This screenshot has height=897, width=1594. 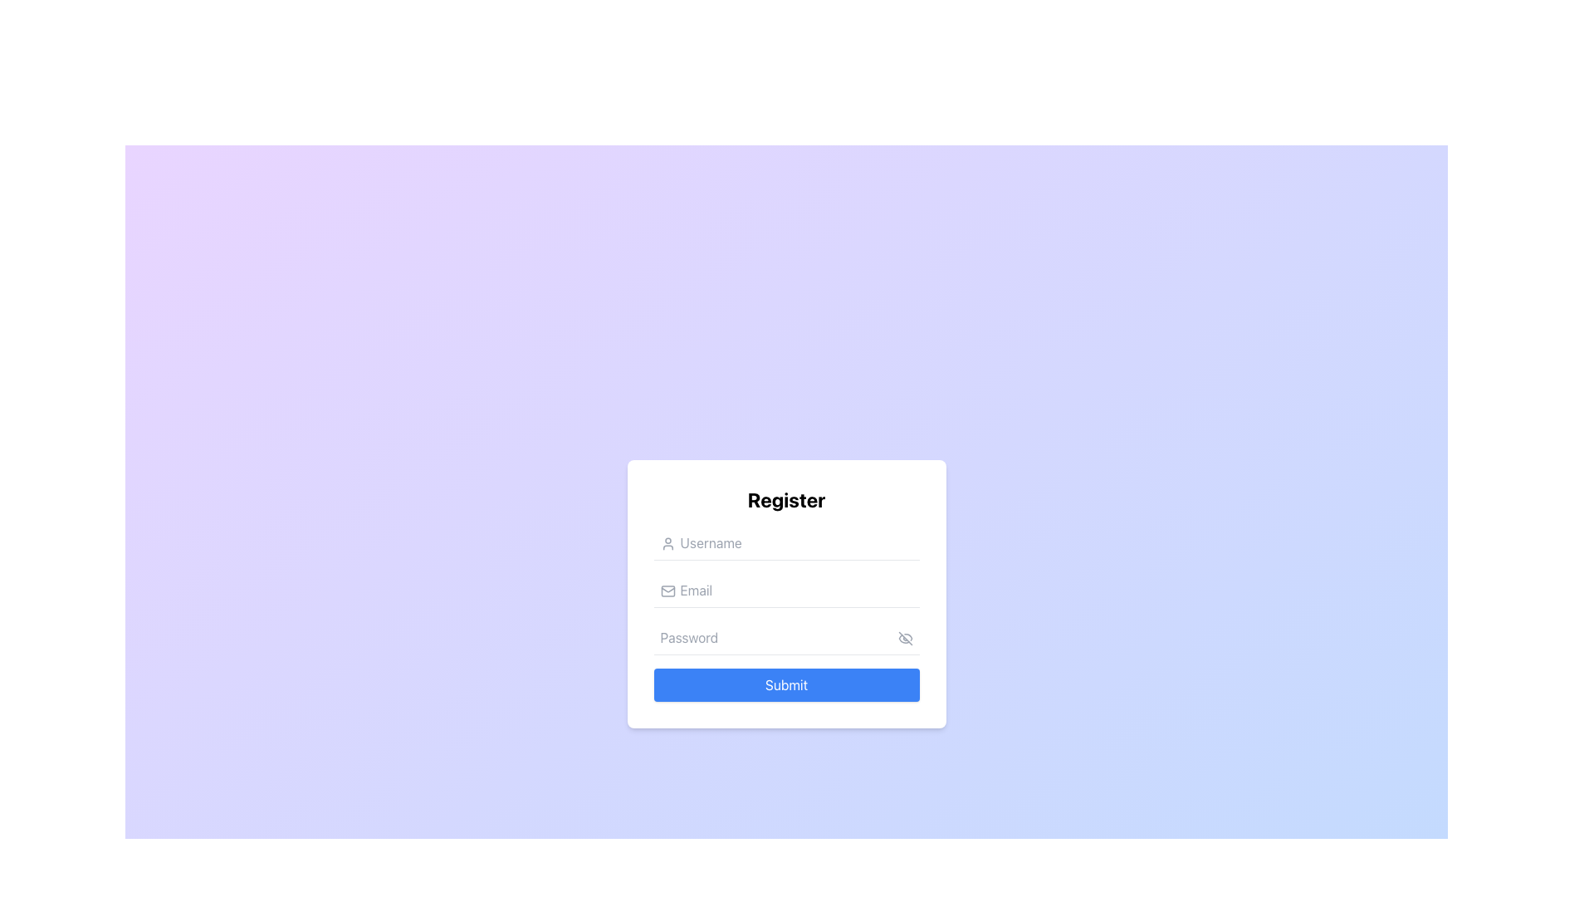 What do you see at coordinates (785, 498) in the screenshot?
I see `text label that says 'Register', which is prominently displayed at the top of the form section to identify the form's purpose` at bounding box center [785, 498].